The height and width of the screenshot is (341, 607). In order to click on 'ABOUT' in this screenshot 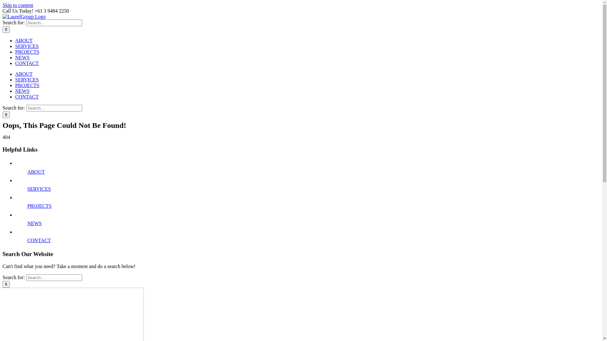, I will do `click(15, 40)`.